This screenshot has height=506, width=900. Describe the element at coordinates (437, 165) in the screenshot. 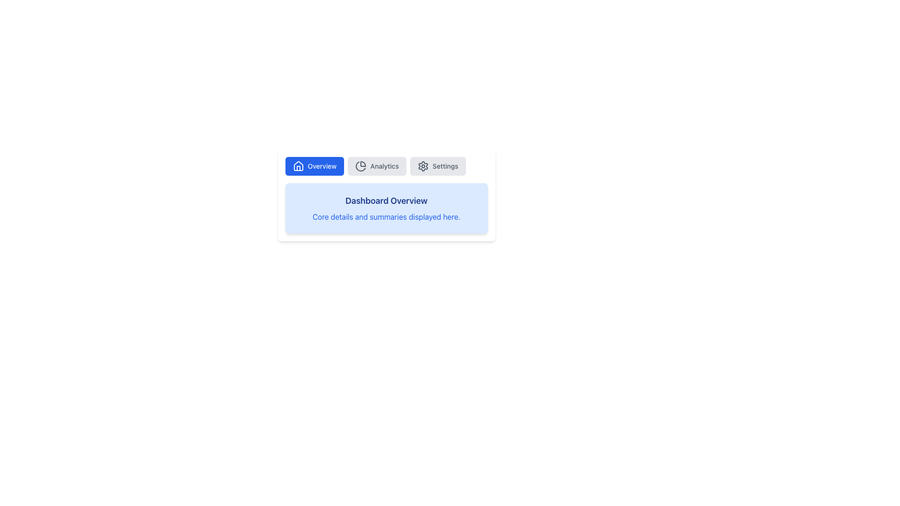

I see `the 'Settings' button, which is a rectangular button with rounded corners, light gray background, dark gray text, and a gear icon` at that location.